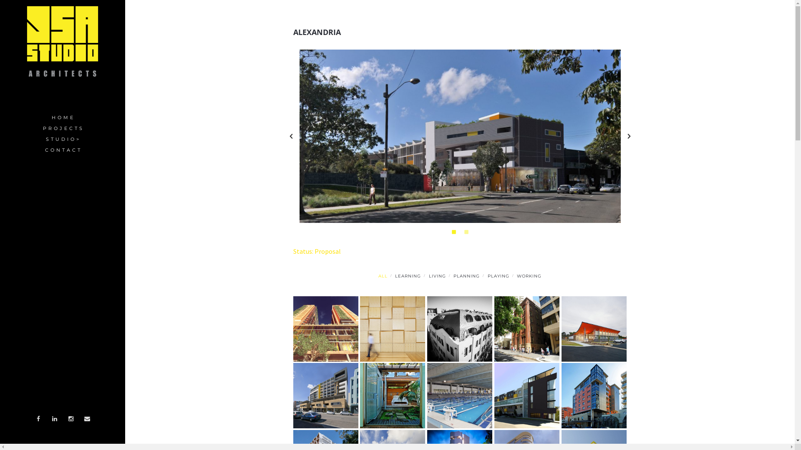 Image resolution: width=801 pixels, height=450 pixels. What do you see at coordinates (62, 117) in the screenshot?
I see `'H O M E'` at bounding box center [62, 117].